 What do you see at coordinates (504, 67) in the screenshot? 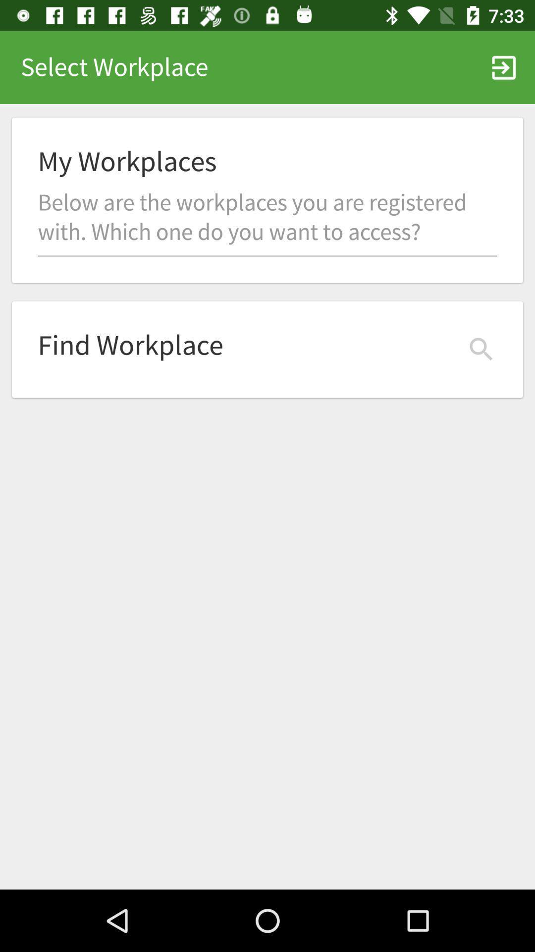
I see `icon above my workplaces icon` at bounding box center [504, 67].